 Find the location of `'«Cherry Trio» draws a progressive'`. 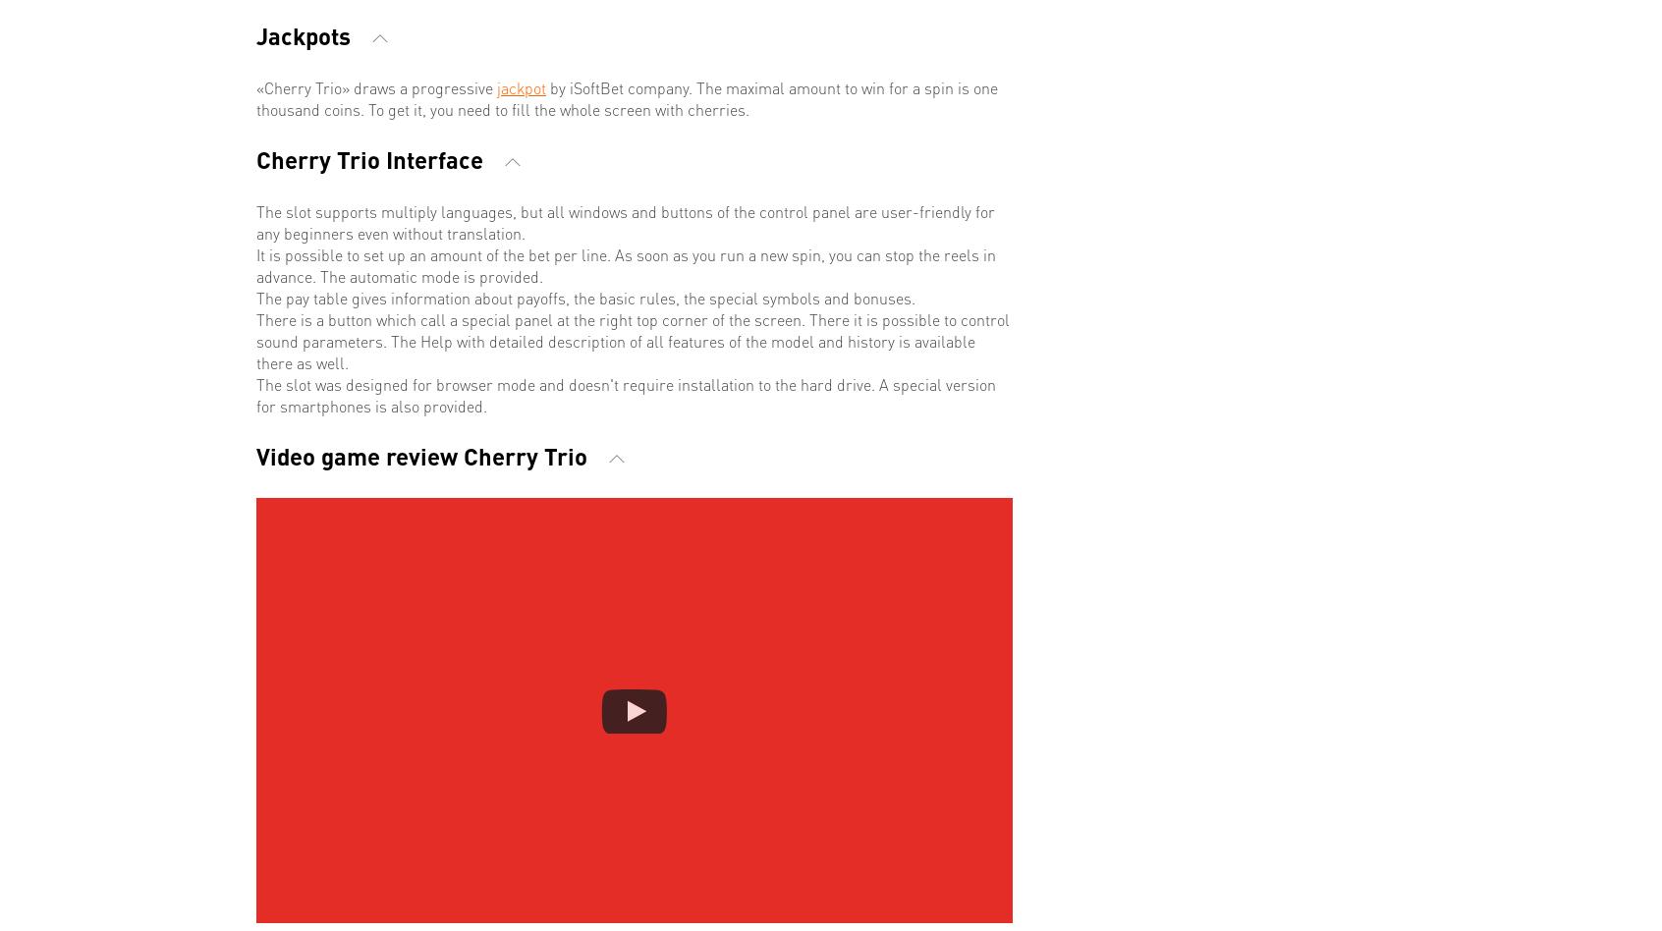

'«Cherry Trio» draws a progressive' is located at coordinates (376, 86).